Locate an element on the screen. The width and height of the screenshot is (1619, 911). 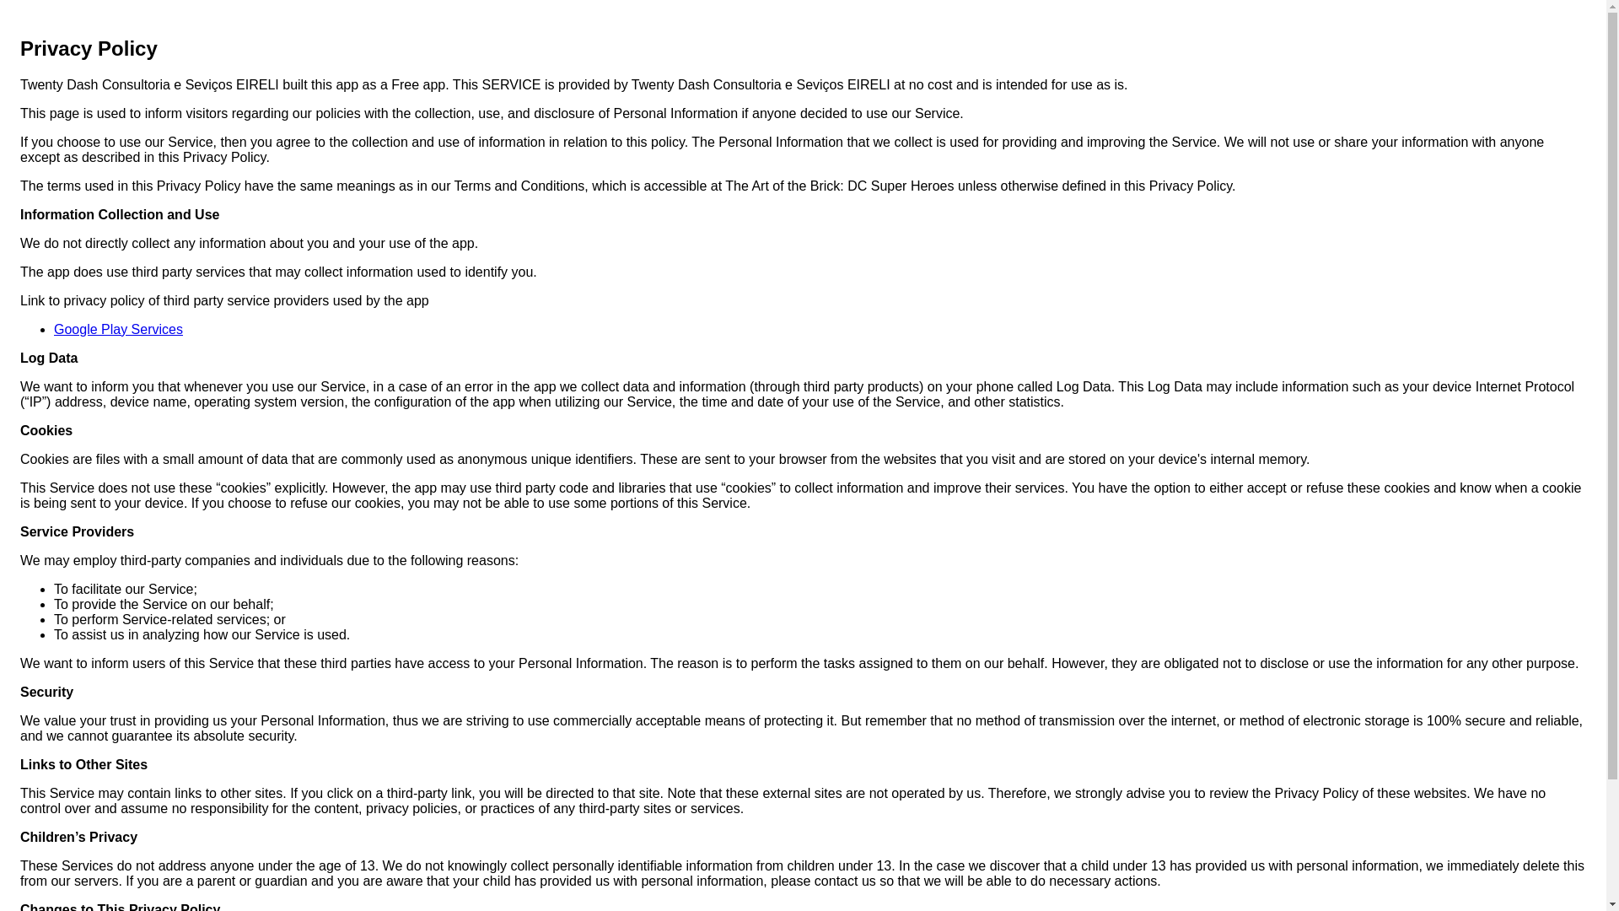
'Google Play Services' is located at coordinates (117, 329).